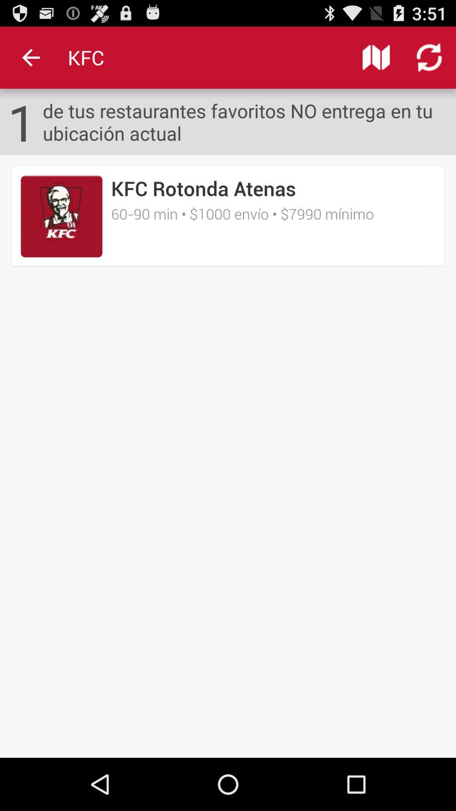  What do you see at coordinates (249, 121) in the screenshot?
I see `icon next to 1` at bounding box center [249, 121].